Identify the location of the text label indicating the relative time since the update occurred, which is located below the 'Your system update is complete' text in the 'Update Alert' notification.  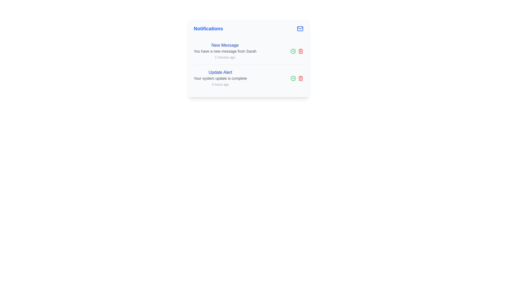
(220, 85).